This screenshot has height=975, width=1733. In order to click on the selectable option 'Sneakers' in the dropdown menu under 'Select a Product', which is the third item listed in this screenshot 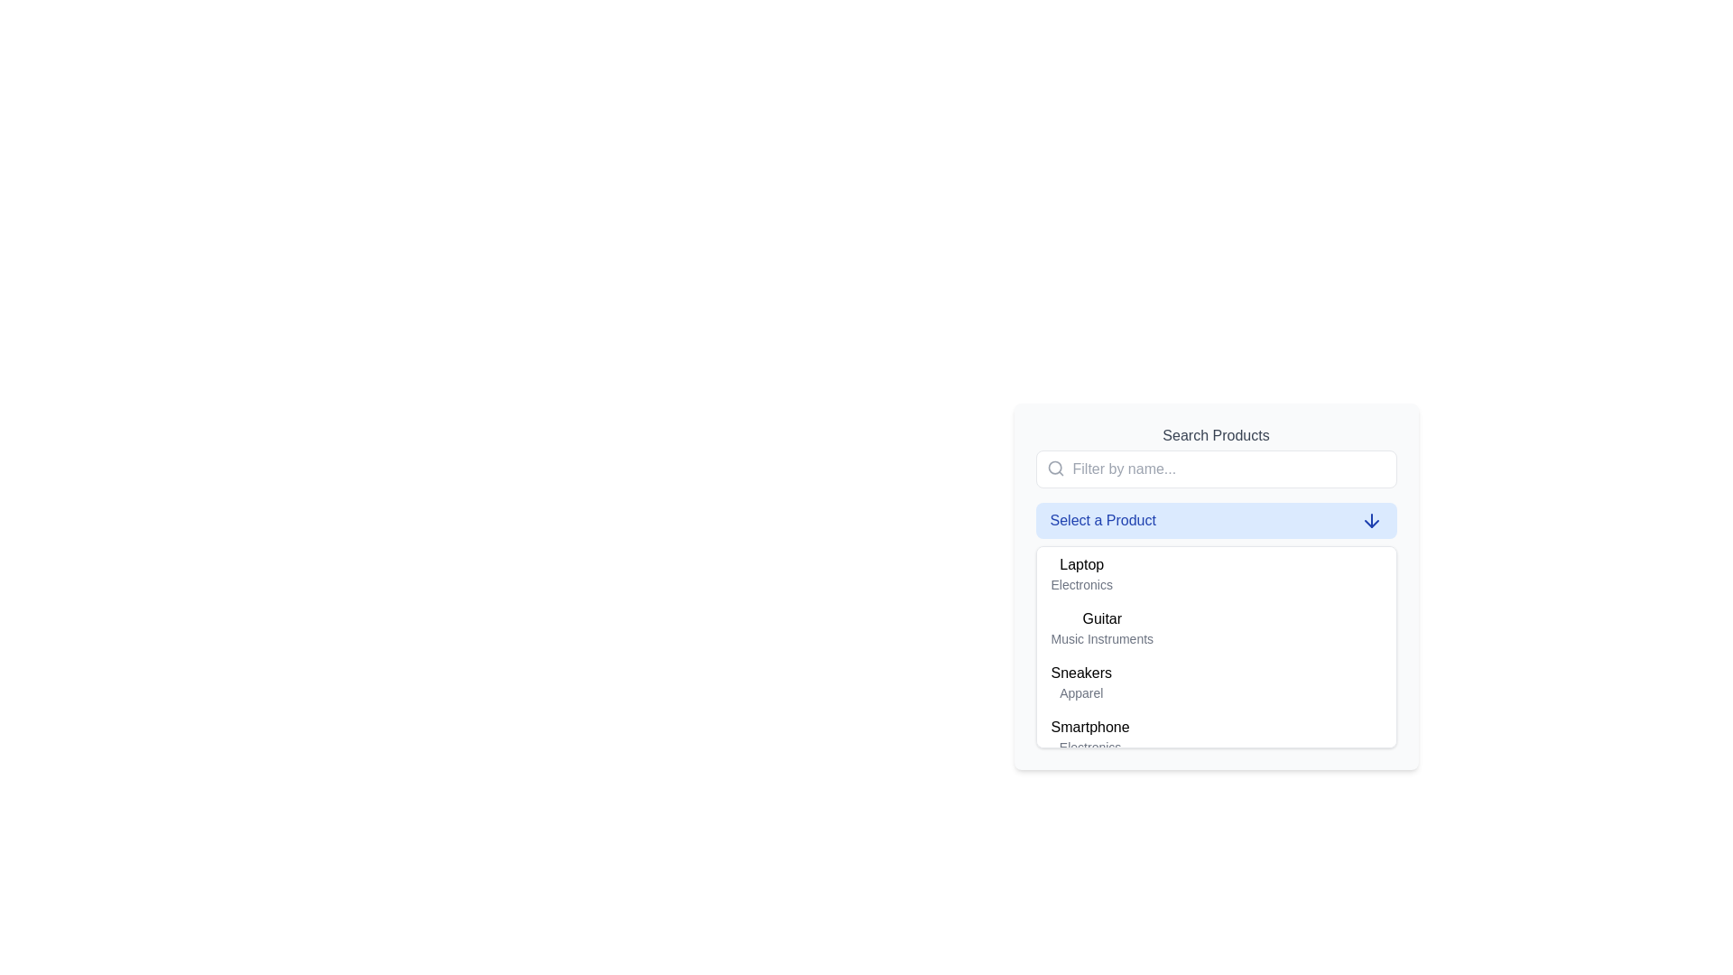, I will do `click(1081, 673)`.